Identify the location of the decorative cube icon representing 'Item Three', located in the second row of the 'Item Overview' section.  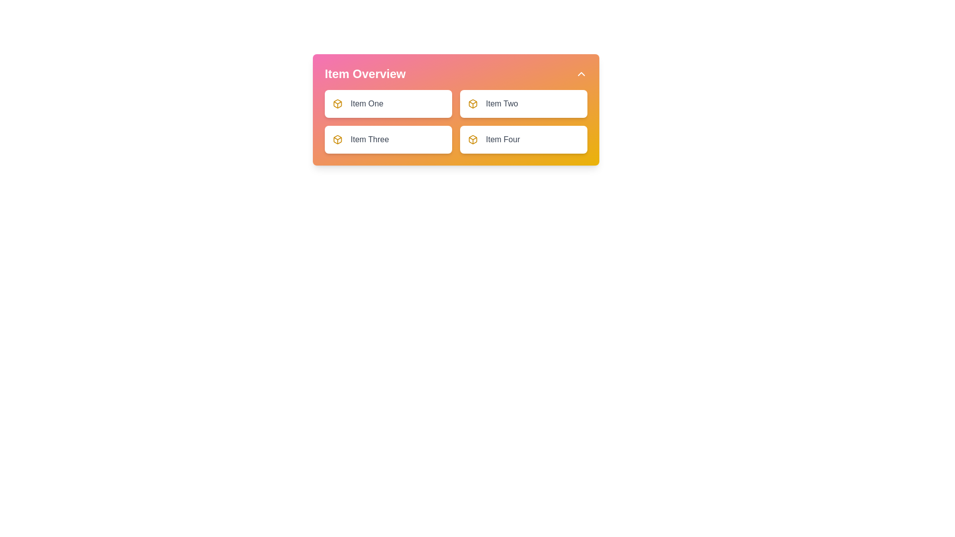
(337, 140).